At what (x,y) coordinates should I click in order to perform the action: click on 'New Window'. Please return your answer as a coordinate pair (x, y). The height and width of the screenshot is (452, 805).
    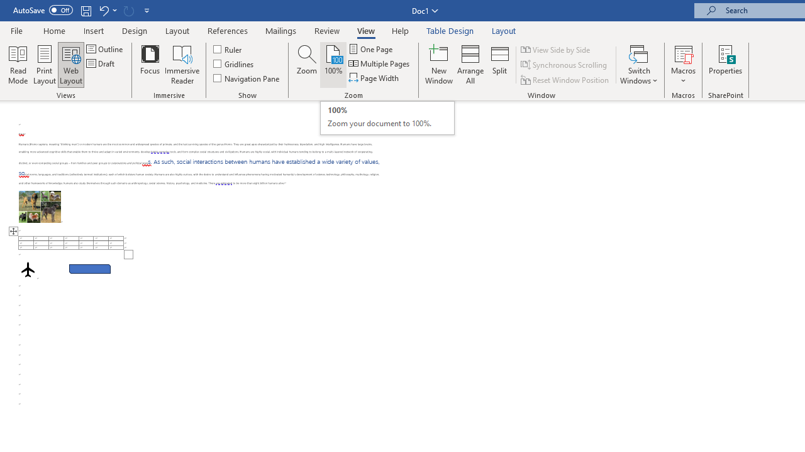
    Looking at the image, I should click on (439, 65).